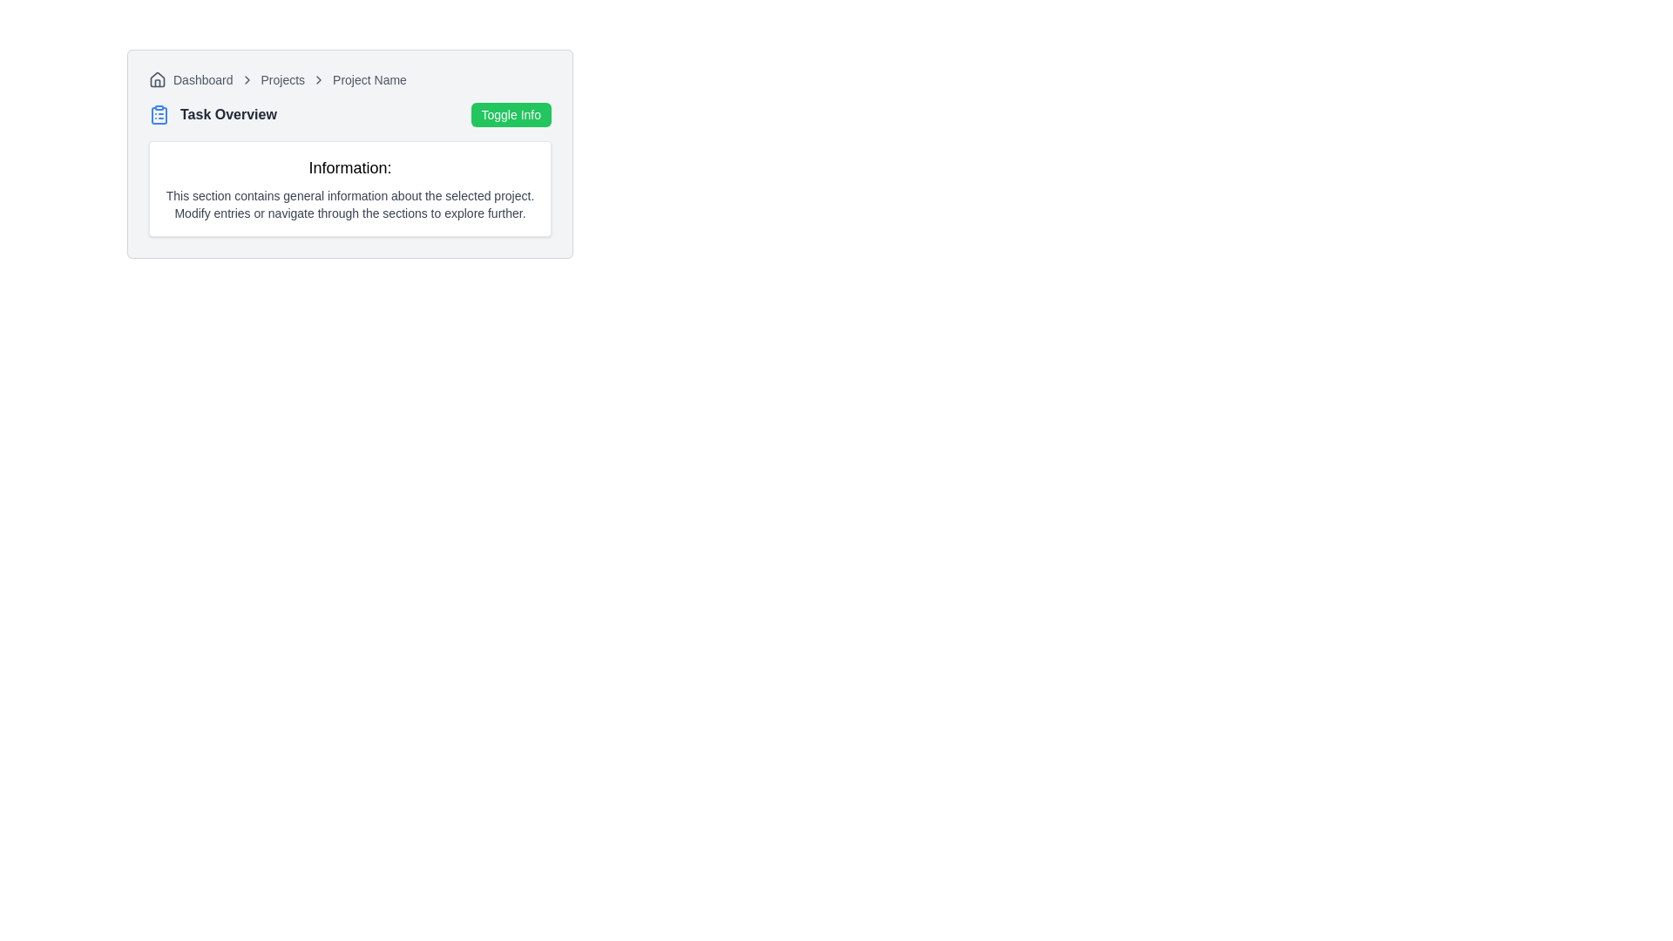 Image resolution: width=1673 pixels, height=941 pixels. I want to click on the small home icon styled with an outline design located to the very left within the breadcrumb navigation bar, so click(158, 80).